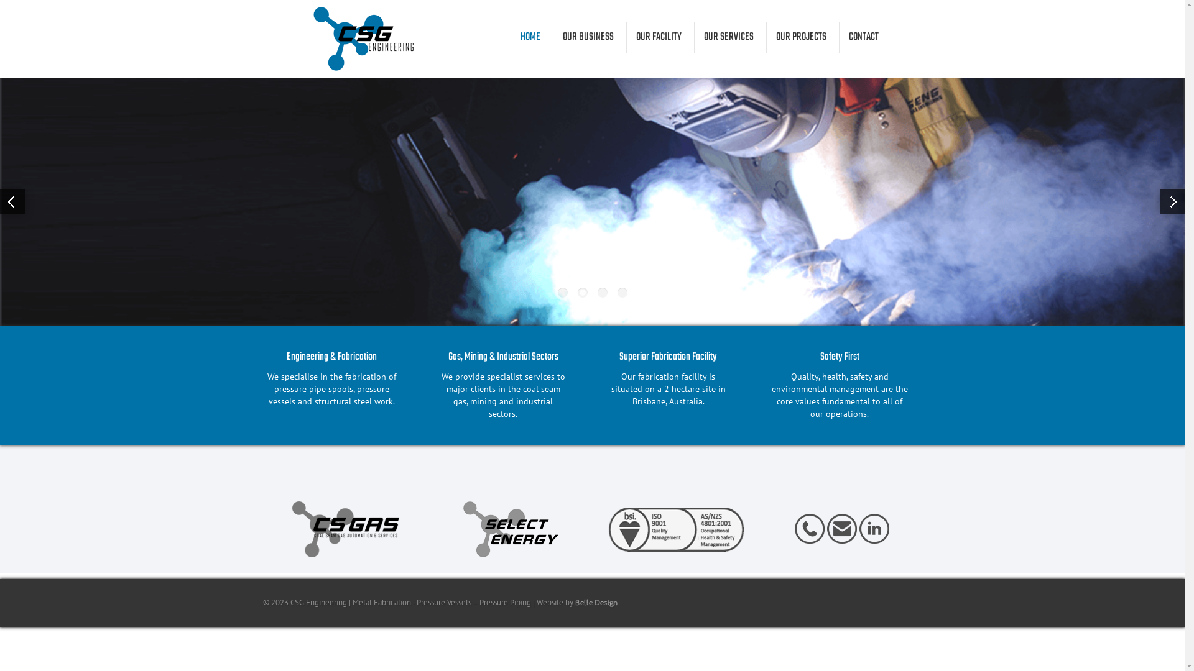 The height and width of the screenshot is (671, 1194). Describe the element at coordinates (529, 37) in the screenshot. I see `'HOME'` at that location.